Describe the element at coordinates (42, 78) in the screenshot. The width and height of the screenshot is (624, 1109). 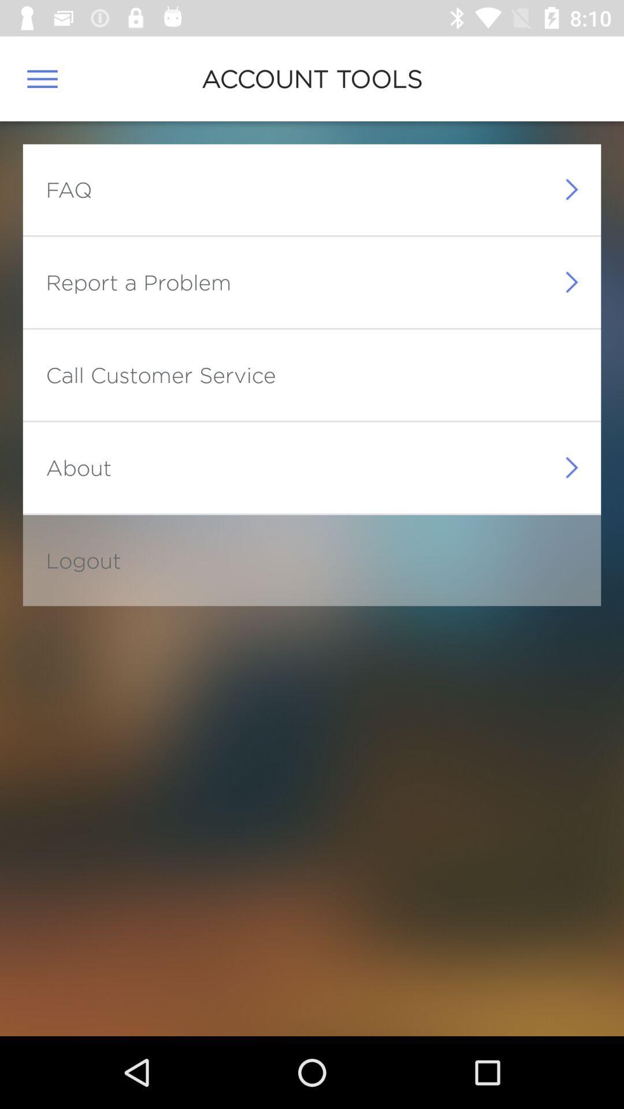
I see `the item to the left of the account tools item` at that location.